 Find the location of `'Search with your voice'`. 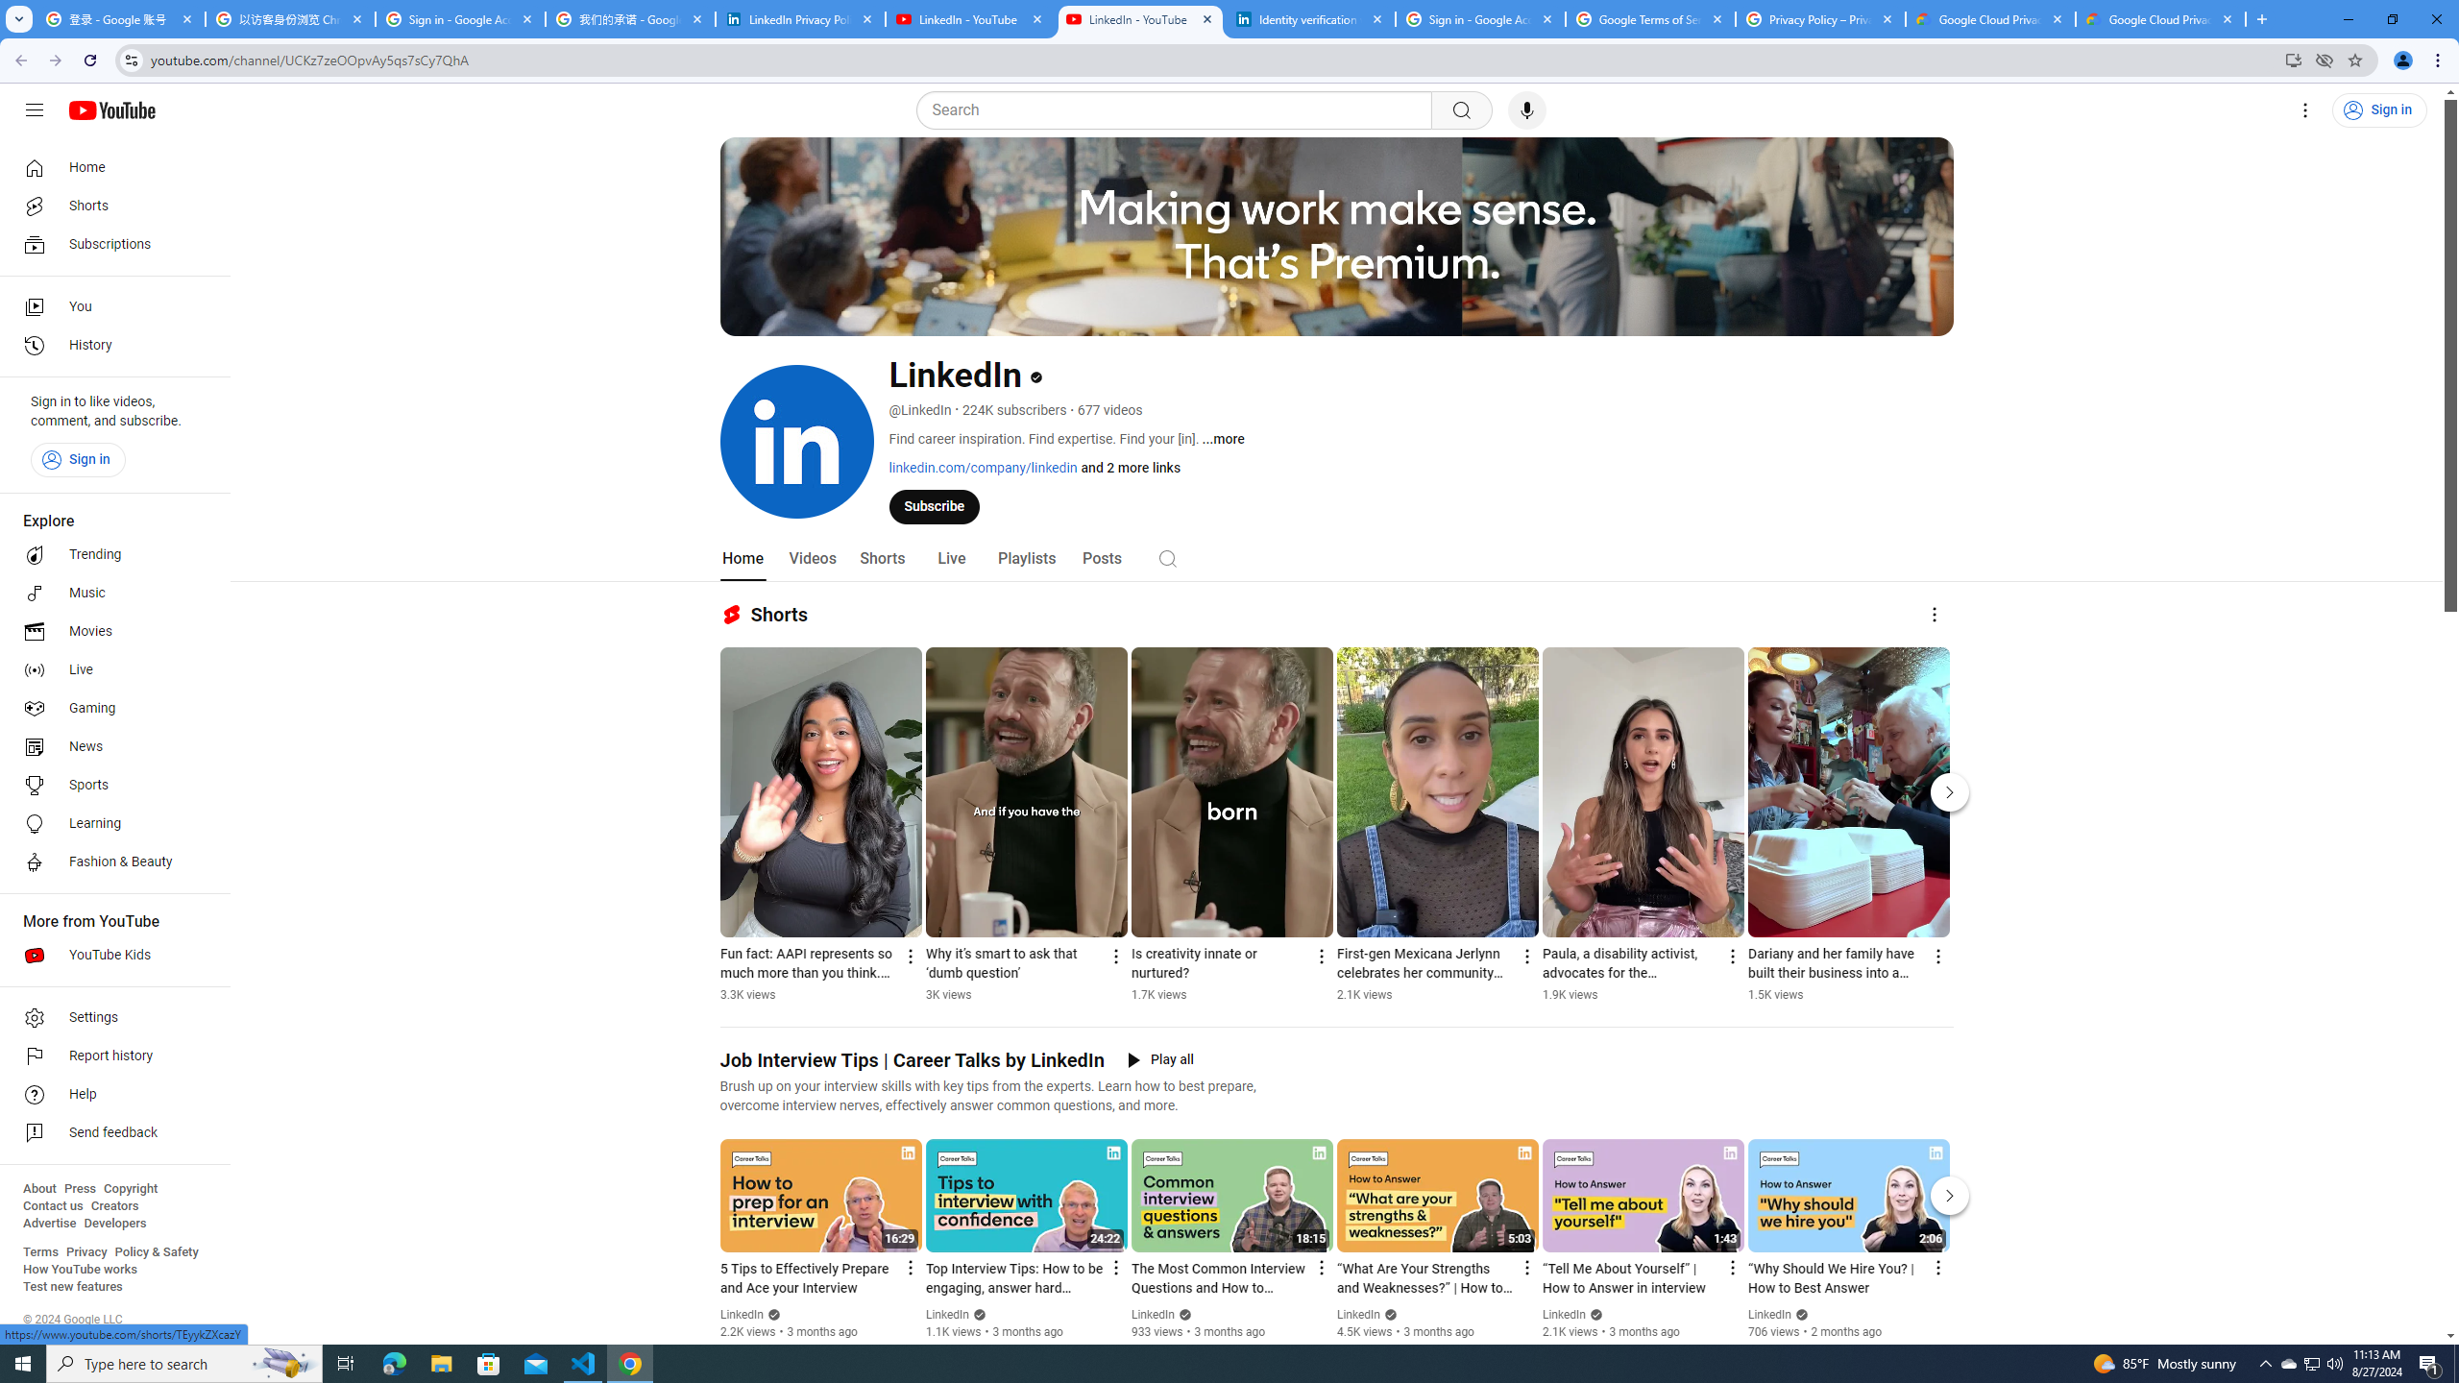

'Search with your voice' is located at coordinates (1526, 109).